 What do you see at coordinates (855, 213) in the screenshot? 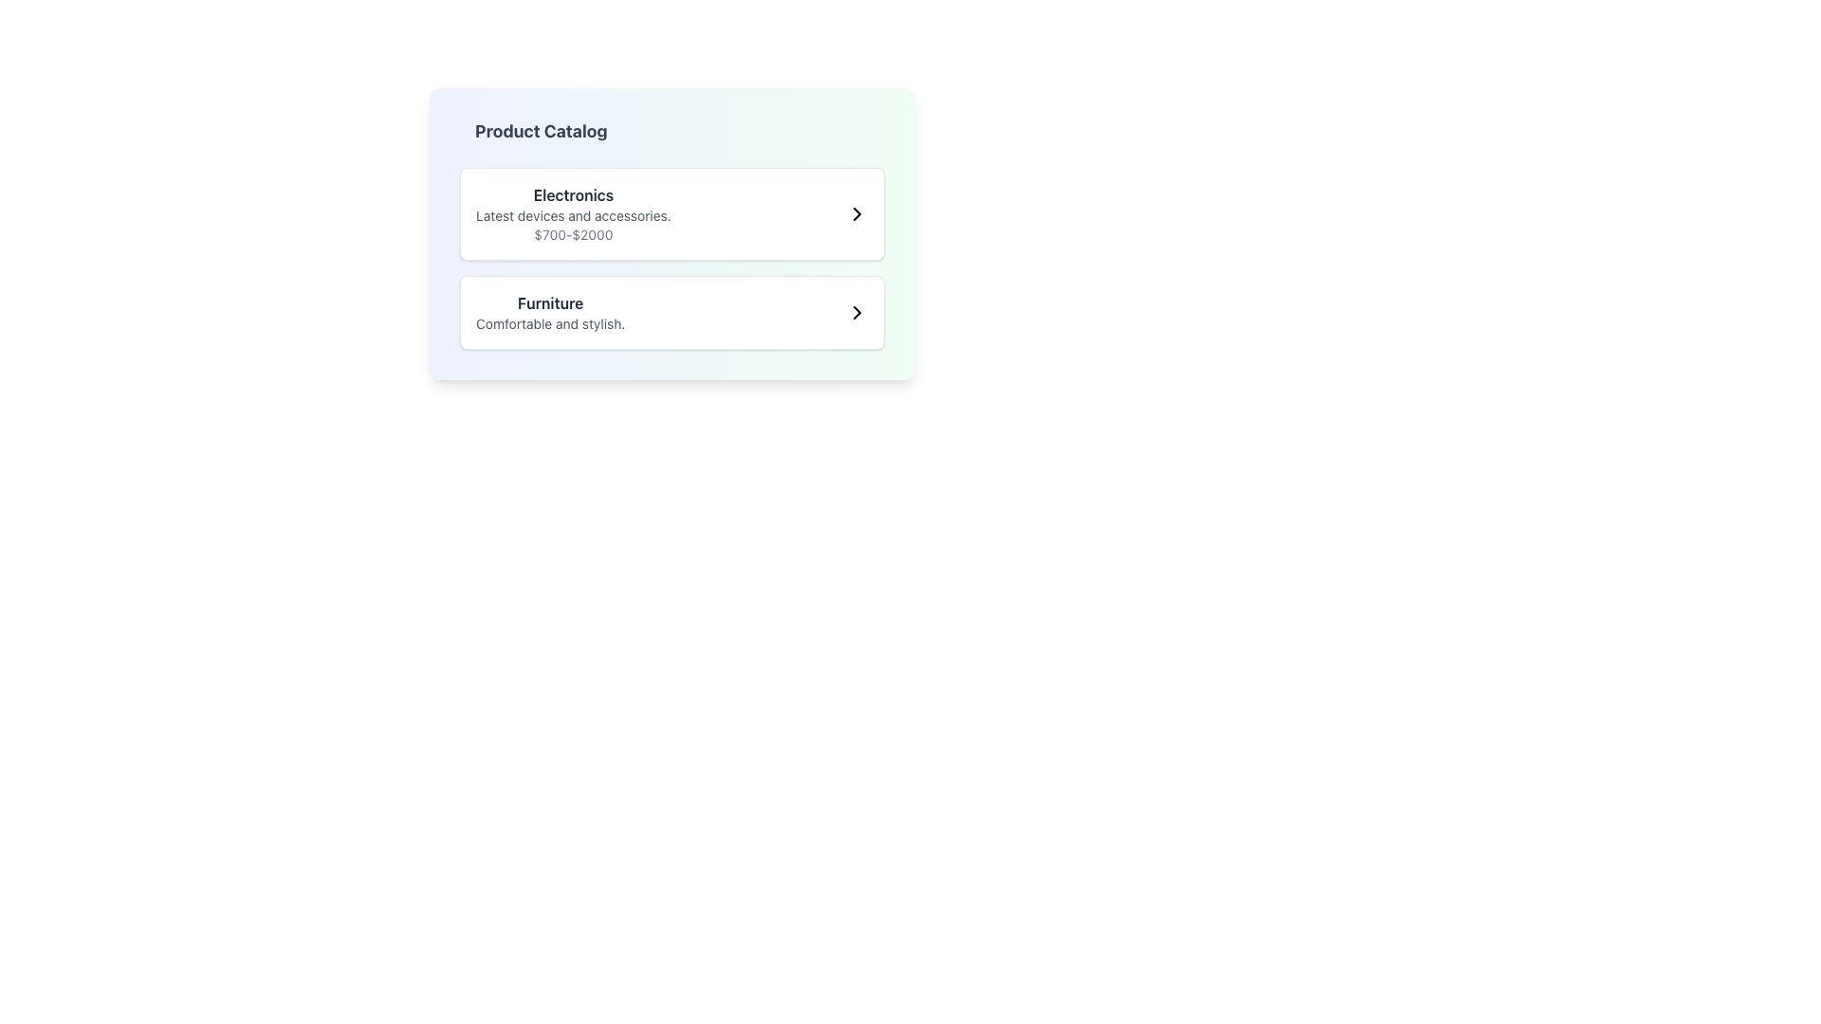
I see `the chevron icon located within the 'Electronics' category box` at bounding box center [855, 213].